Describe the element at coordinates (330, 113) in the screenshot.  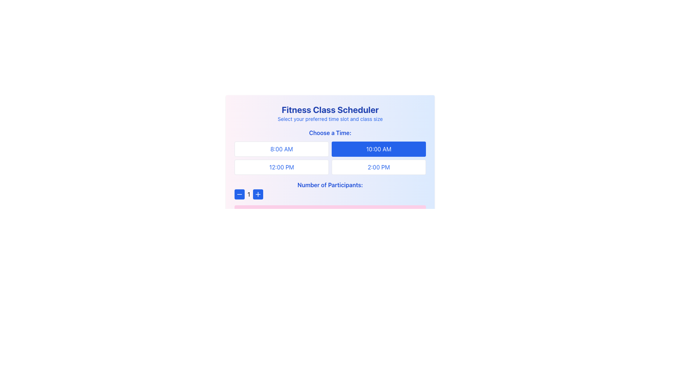
I see `the Text Block displaying 'Fitness Class Scheduler' which is styled in bold blue font, located at the top of the central gradient box` at that location.